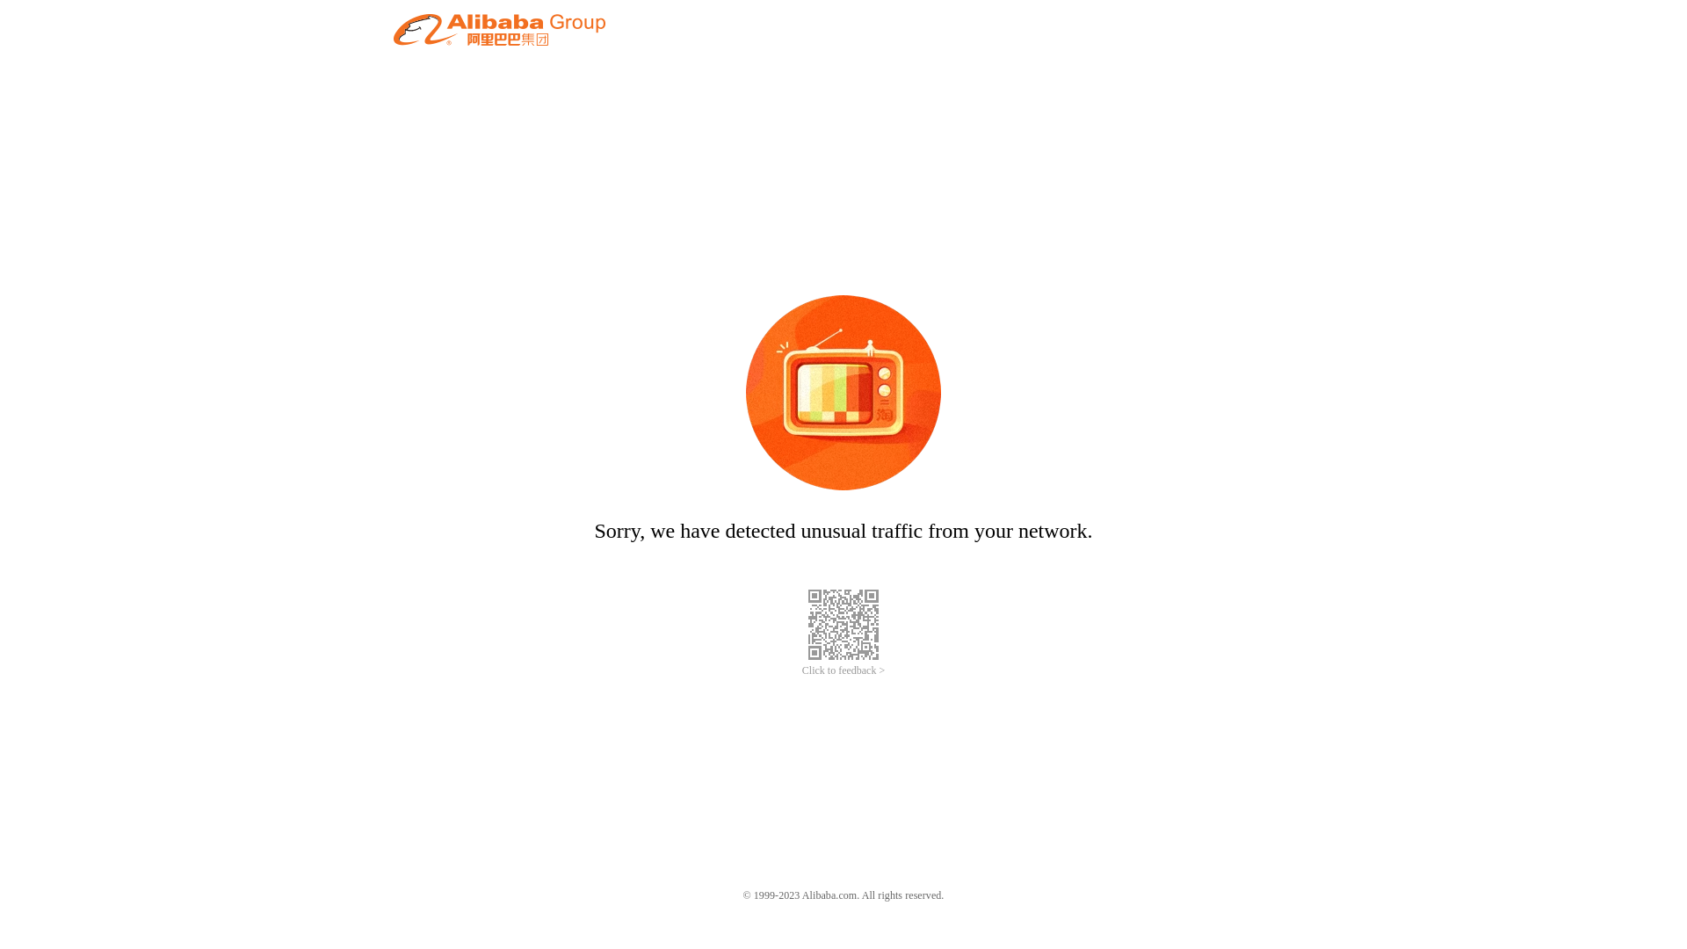 The image size is (1687, 949). Describe the element at coordinates (800, 670) in the screenshot. I see `'Click to feedback >'` at that location.